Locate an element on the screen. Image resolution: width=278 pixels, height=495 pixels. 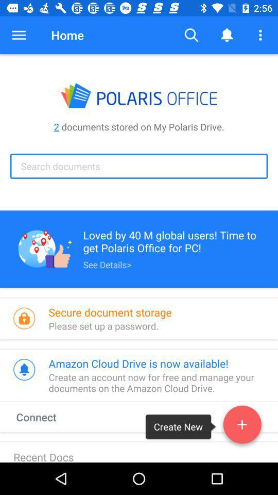
icon next to the create new icon is located at coordinates (242, 426).